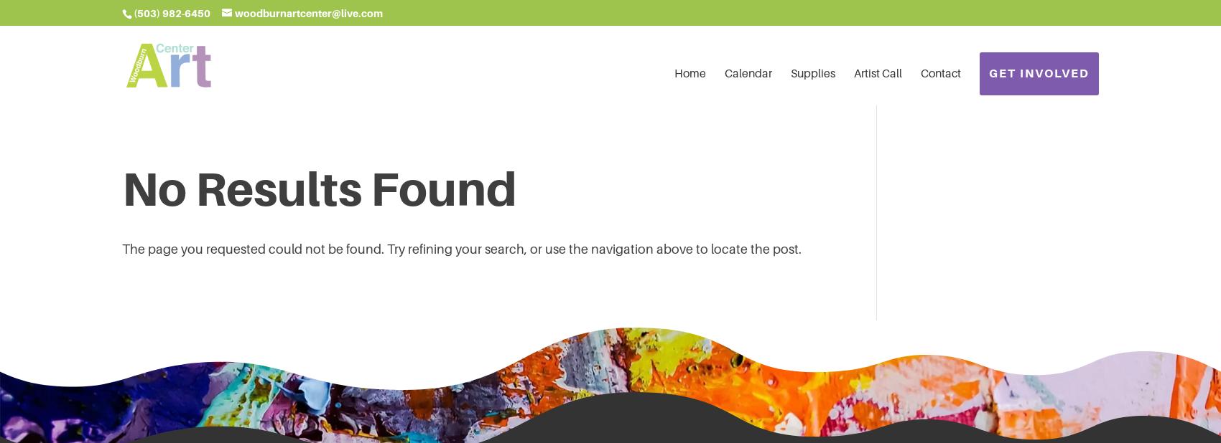 Image resolution: width=1221 pixels, height=443 pixels. I want to click on 'Supplies', so click(813, 72).